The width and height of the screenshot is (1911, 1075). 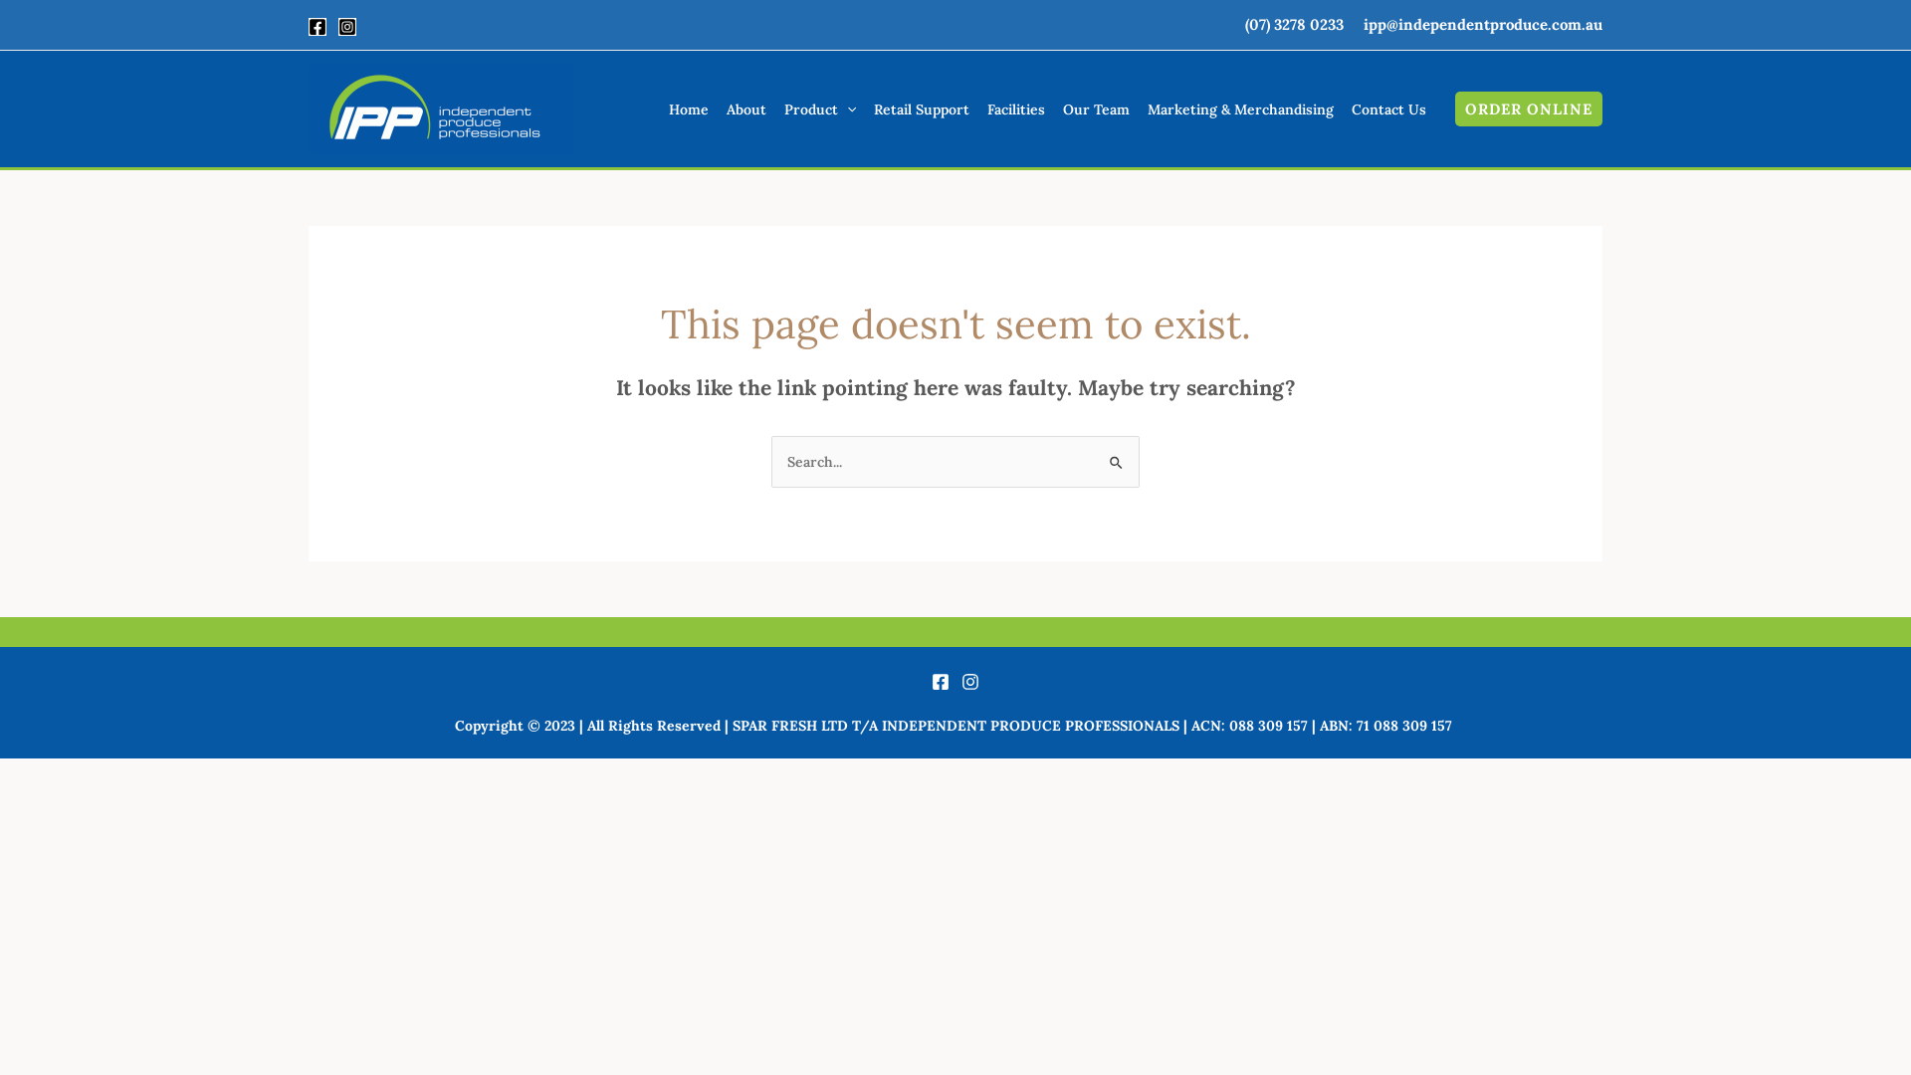 I want to click on 'Product', so click(x=820, y=109).